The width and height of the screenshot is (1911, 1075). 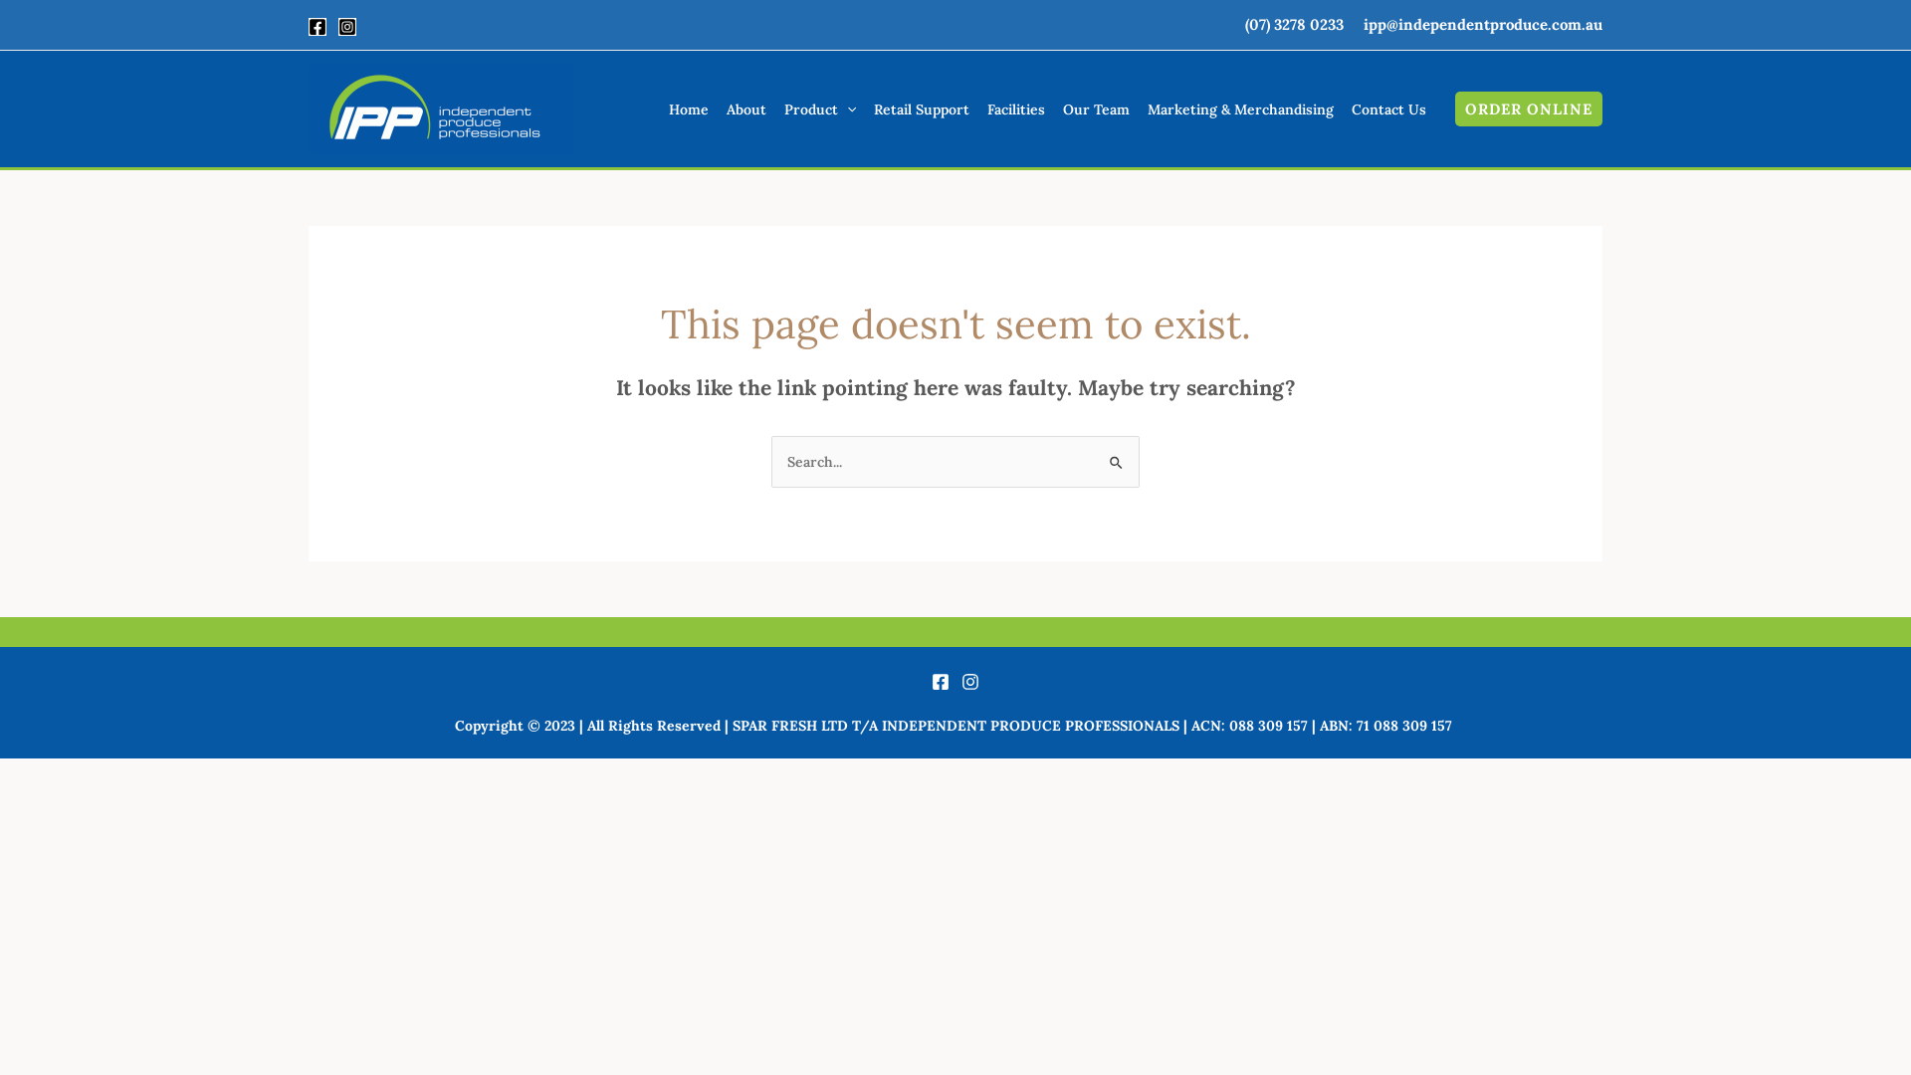 I want to click on 'Product', so click(x=820, y=109).